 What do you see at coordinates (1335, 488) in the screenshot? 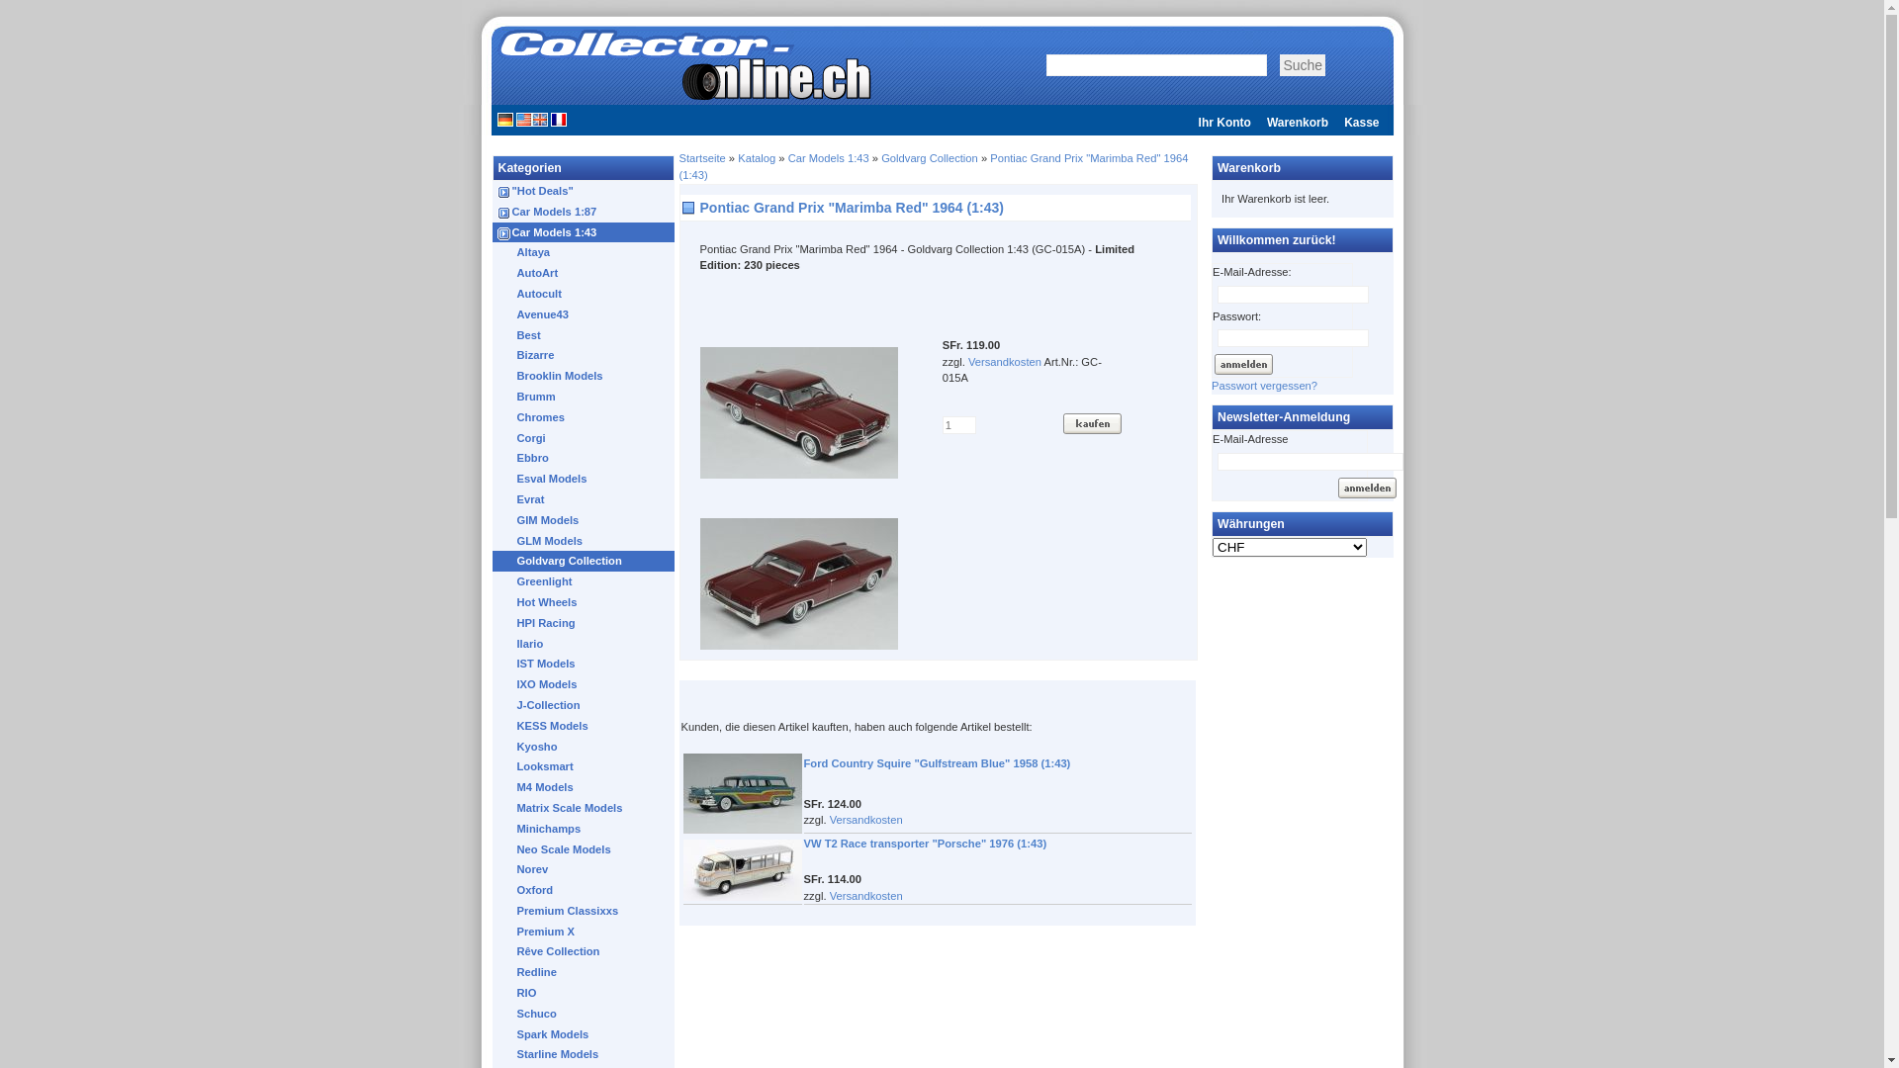
I see `' Anmelden '` at bounding box center [1335, 488].